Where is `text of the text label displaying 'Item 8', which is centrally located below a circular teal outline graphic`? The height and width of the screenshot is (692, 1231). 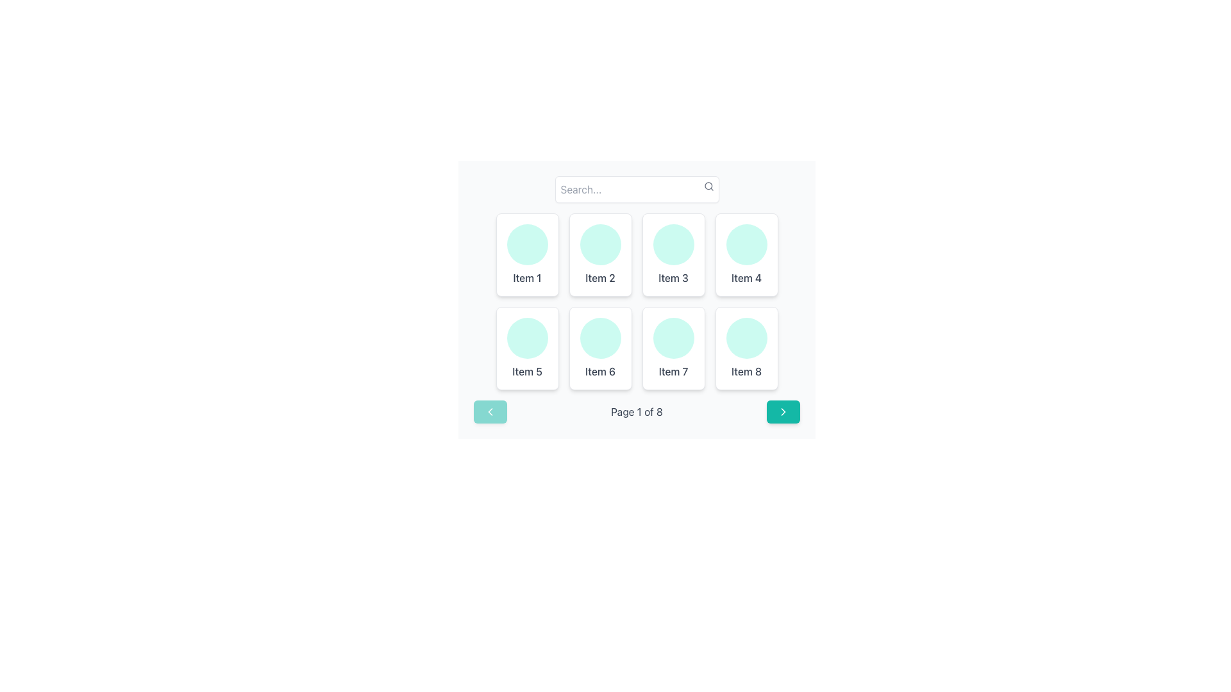
text of the text label displaying 'Item 8', which is centrally located below a circular teal outline graphic is located at coordinates (746, 371).